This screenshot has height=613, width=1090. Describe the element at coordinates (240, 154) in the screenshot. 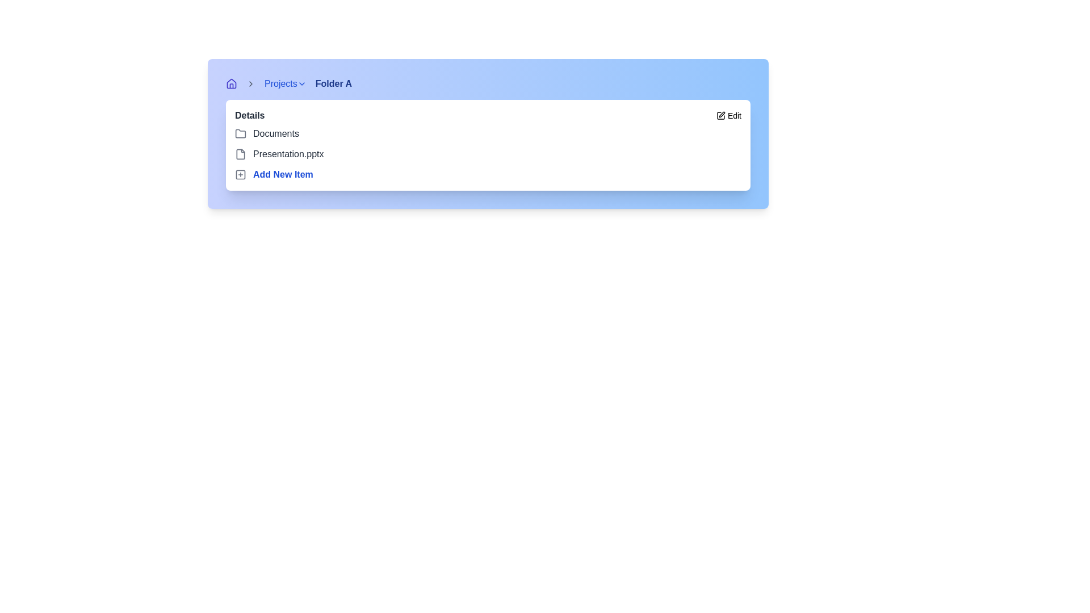

I see `the icon representing the file 'Presentation.pptx' located in the 'Details' section, positioned to the left of its filename text` at that location.